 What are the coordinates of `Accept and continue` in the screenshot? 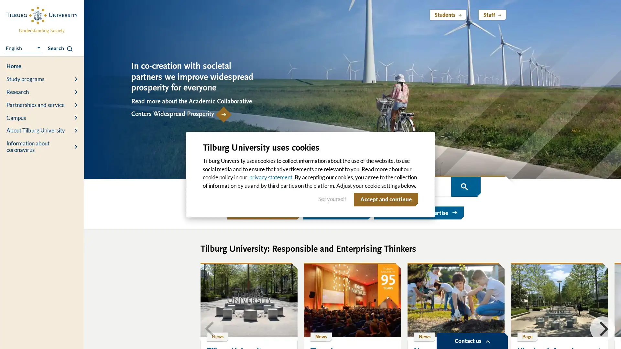 It's located at (385, 199).